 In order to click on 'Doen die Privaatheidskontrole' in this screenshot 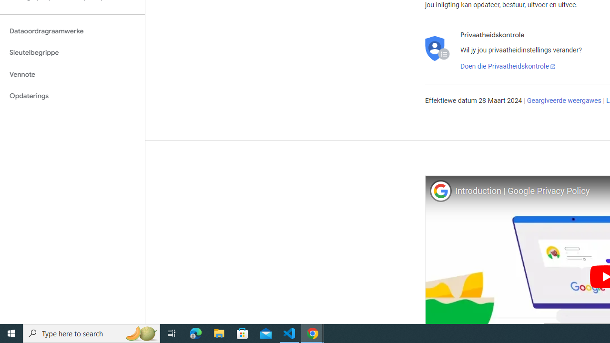, I will do `click(508, 66)`.